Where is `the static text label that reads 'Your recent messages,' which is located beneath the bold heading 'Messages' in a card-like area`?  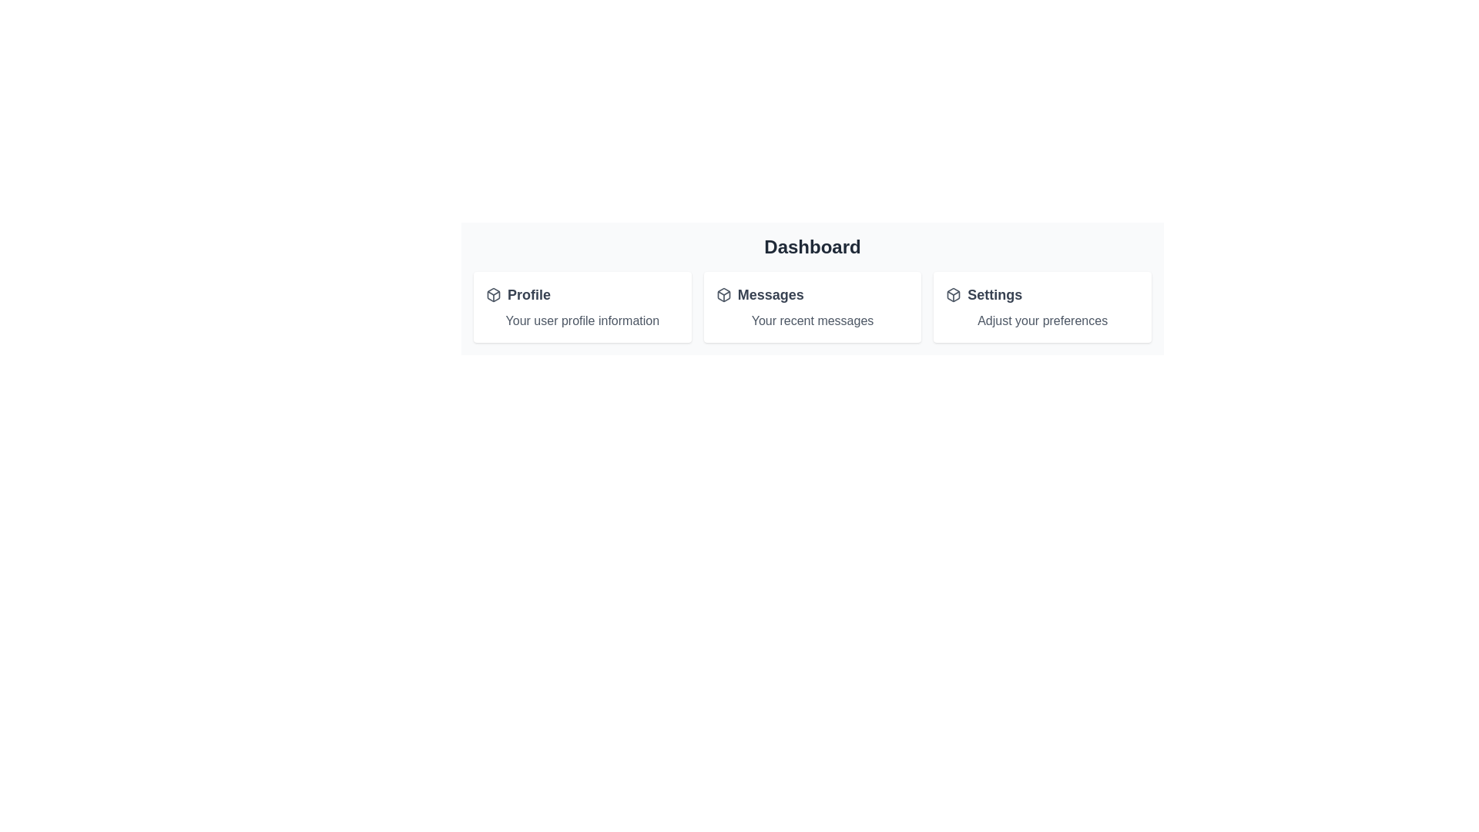
the static text label that reads 'Your recent messages,' which is located beneath the bold heading 'Messages' in a card-like area is located at coordinates (812, 320).